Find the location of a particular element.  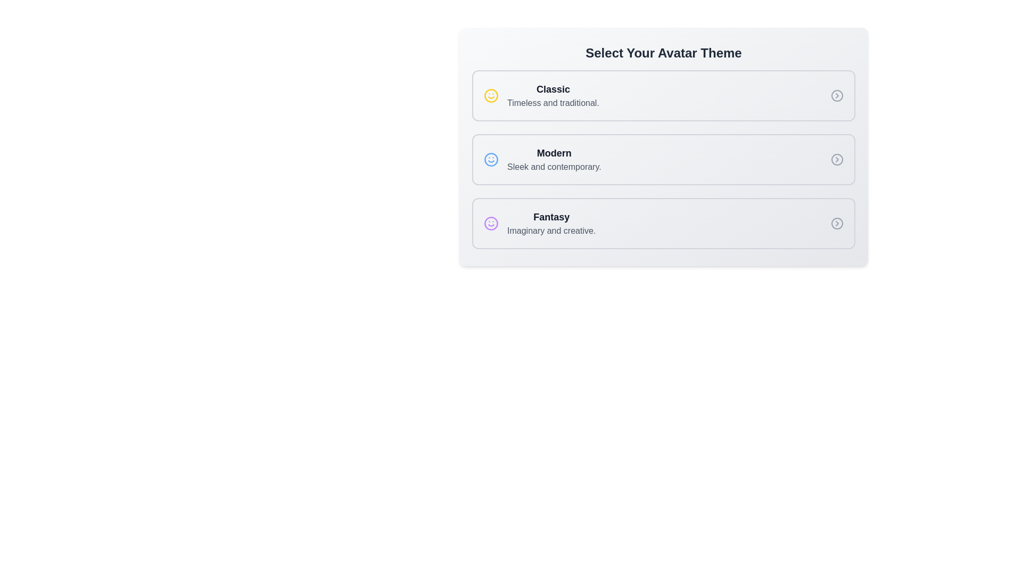

the circular icon with a right-pointing chevron, located to the far right of the 'Fantasy' choice option is located at coordinates (837, 223).